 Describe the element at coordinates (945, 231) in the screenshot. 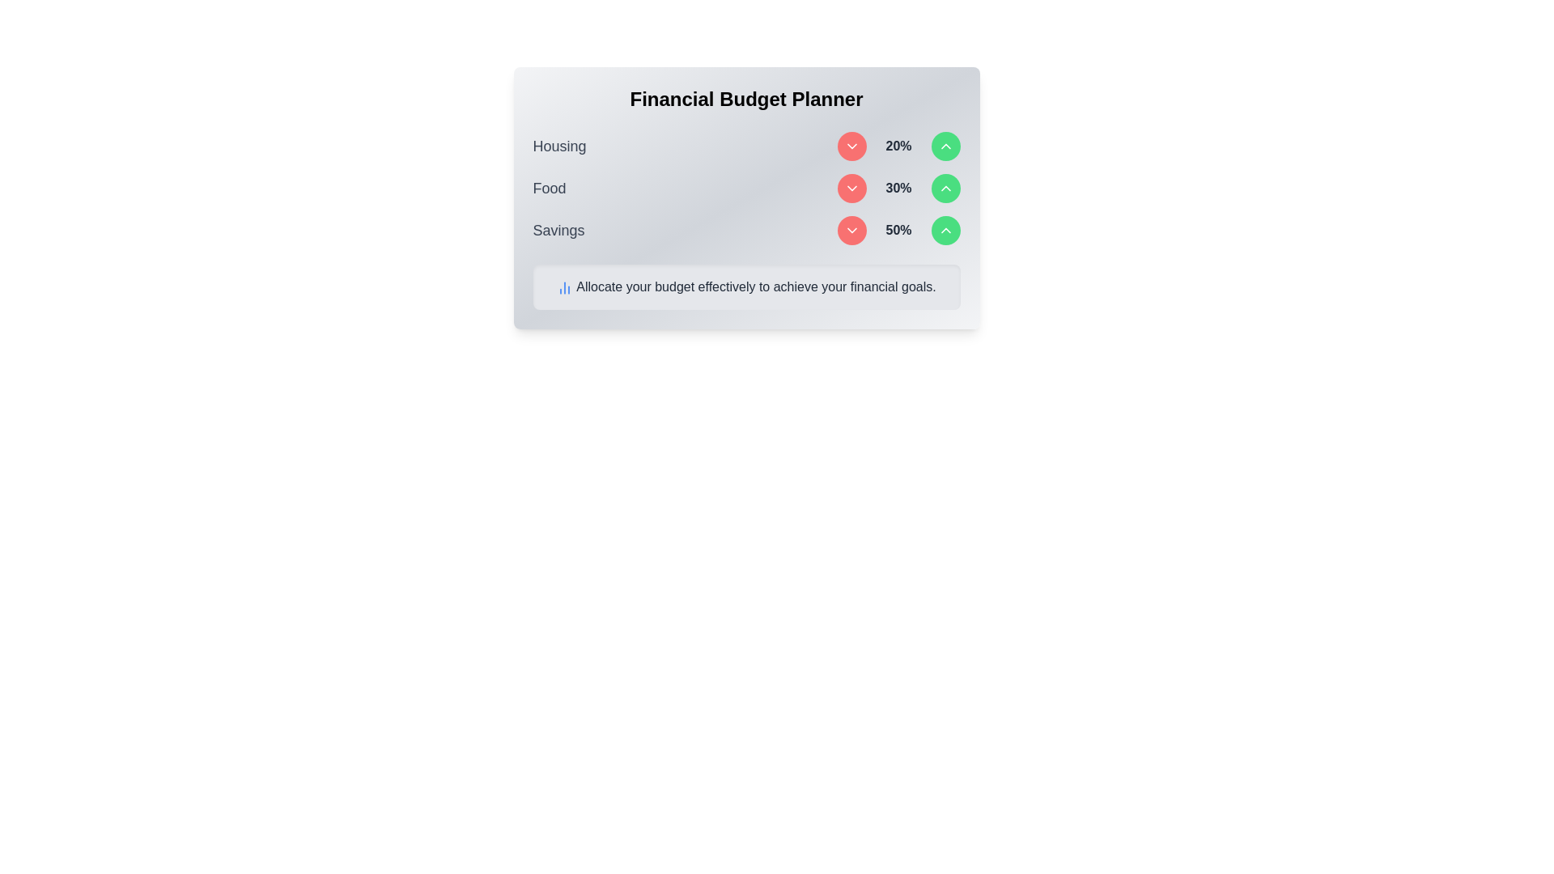

I see `the button to increase the percentage value associated with the financial category 'Savings', located in the last row of a vertically stacked list, aligned to the right of the percentage value '50%'` at that location.